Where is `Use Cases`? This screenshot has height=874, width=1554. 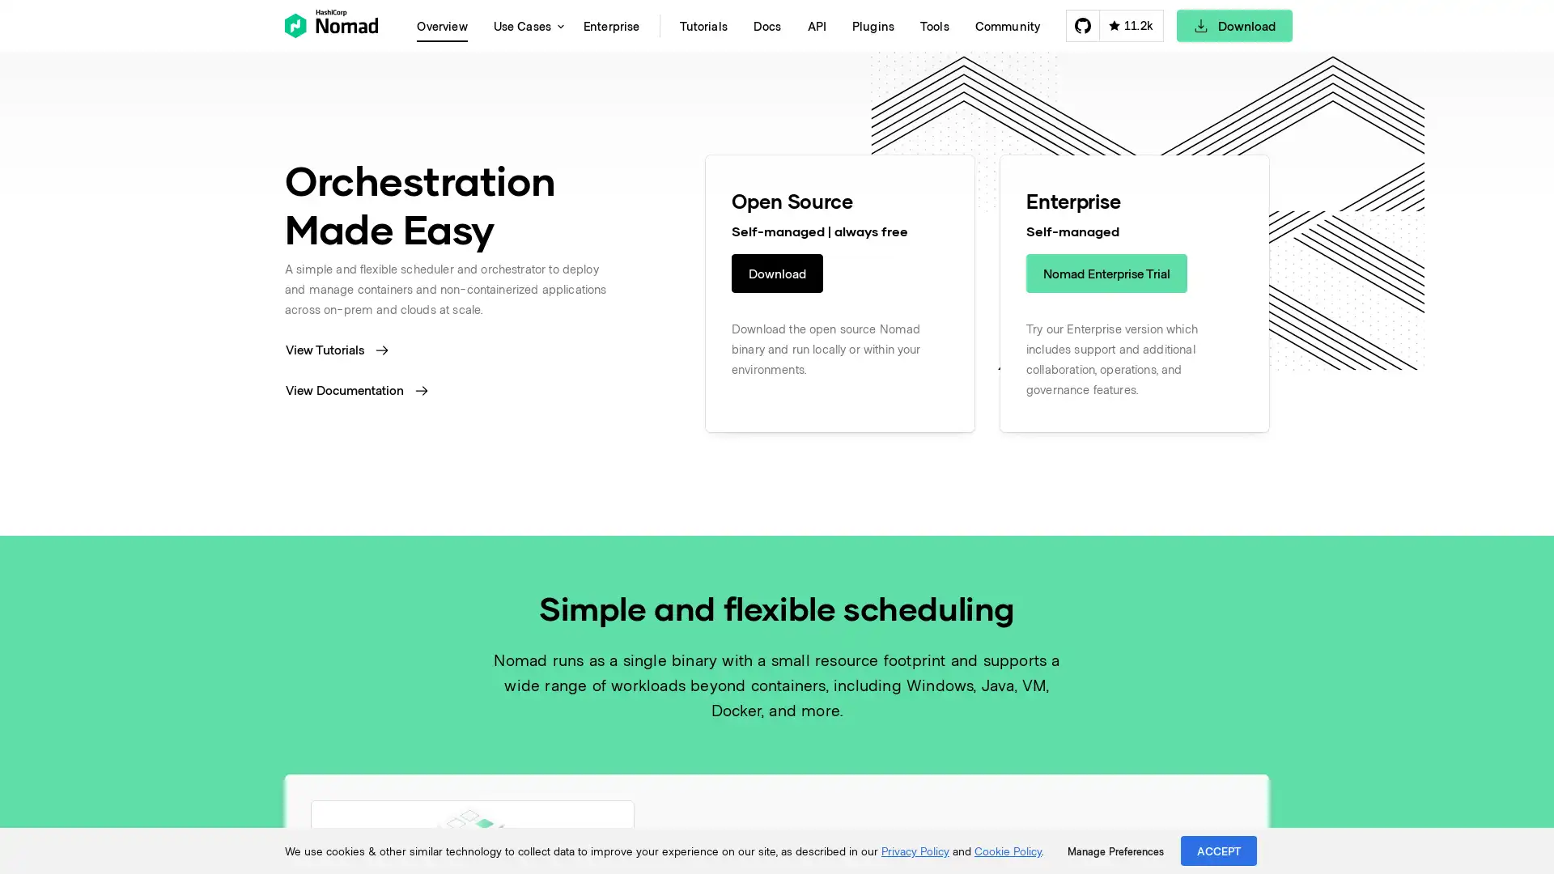 Use Cases is located at coordinates (524, 25).